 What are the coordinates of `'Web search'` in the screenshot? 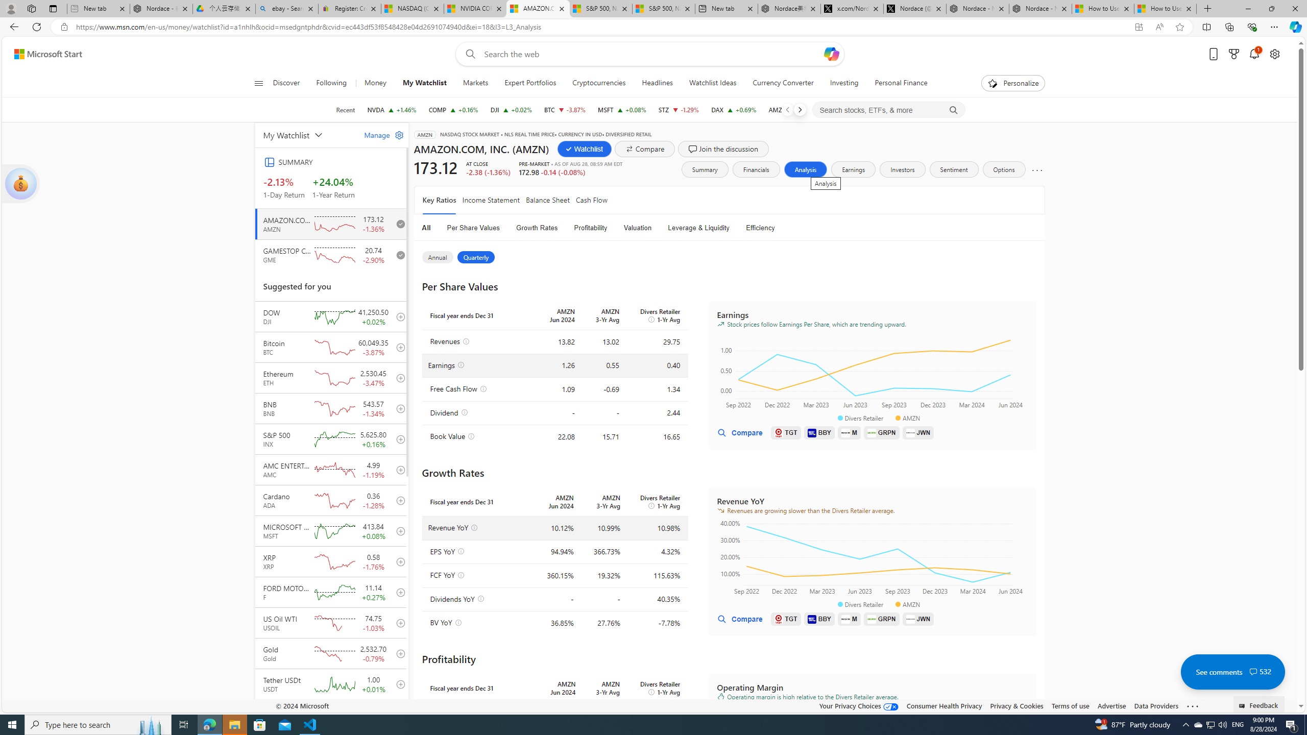 It's located at (468, 54).